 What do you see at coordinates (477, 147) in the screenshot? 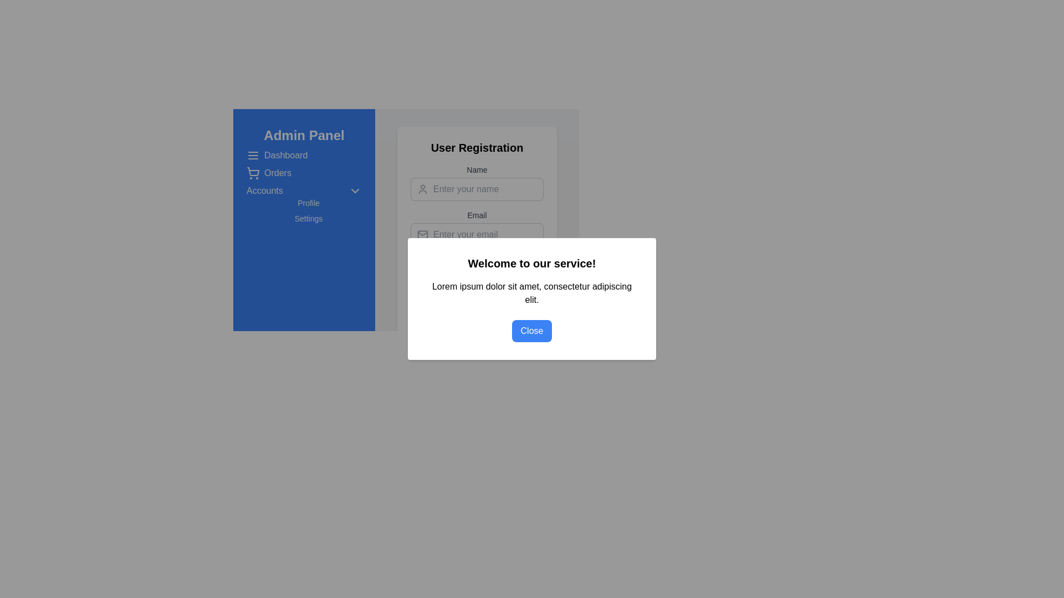
I see `the 'User Registration' text header, which is a bold and large font element positioned at the top of the modal, serving as the title for the form section` at bounding box center [477, 147].